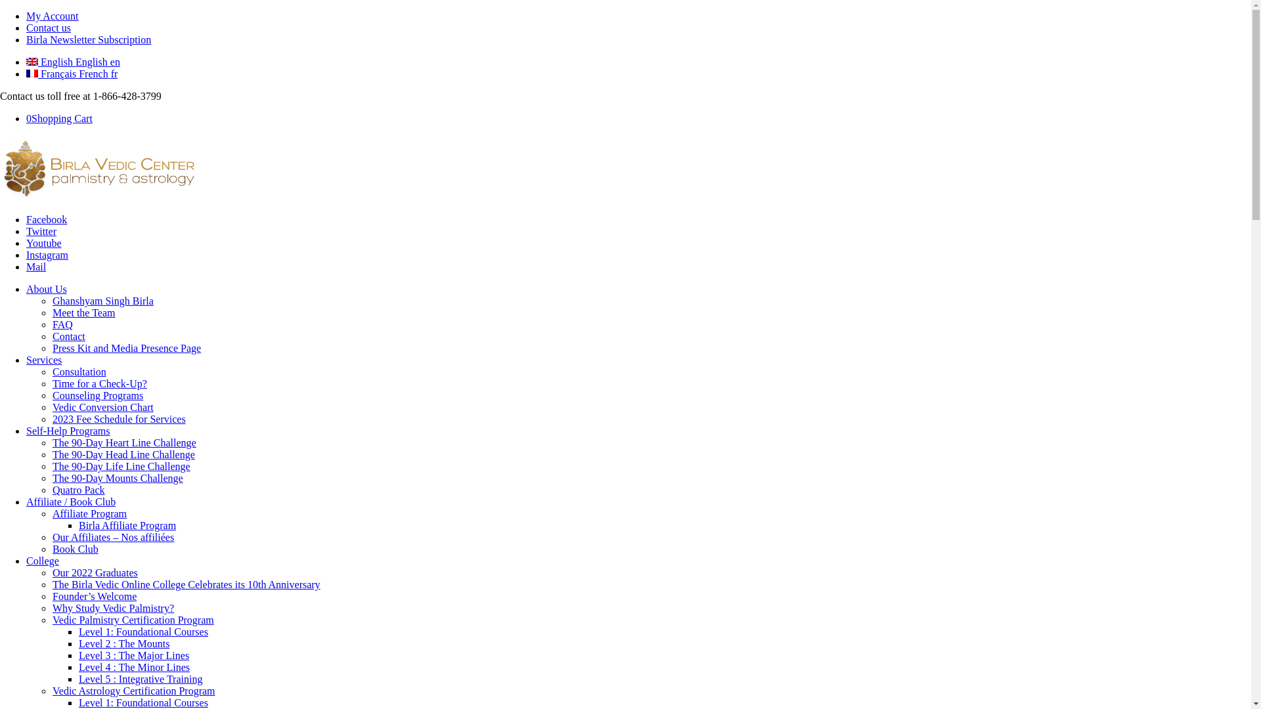 The width and height of the screenshot is (1261, 709). I want to click on 'English', so click(32, 61).